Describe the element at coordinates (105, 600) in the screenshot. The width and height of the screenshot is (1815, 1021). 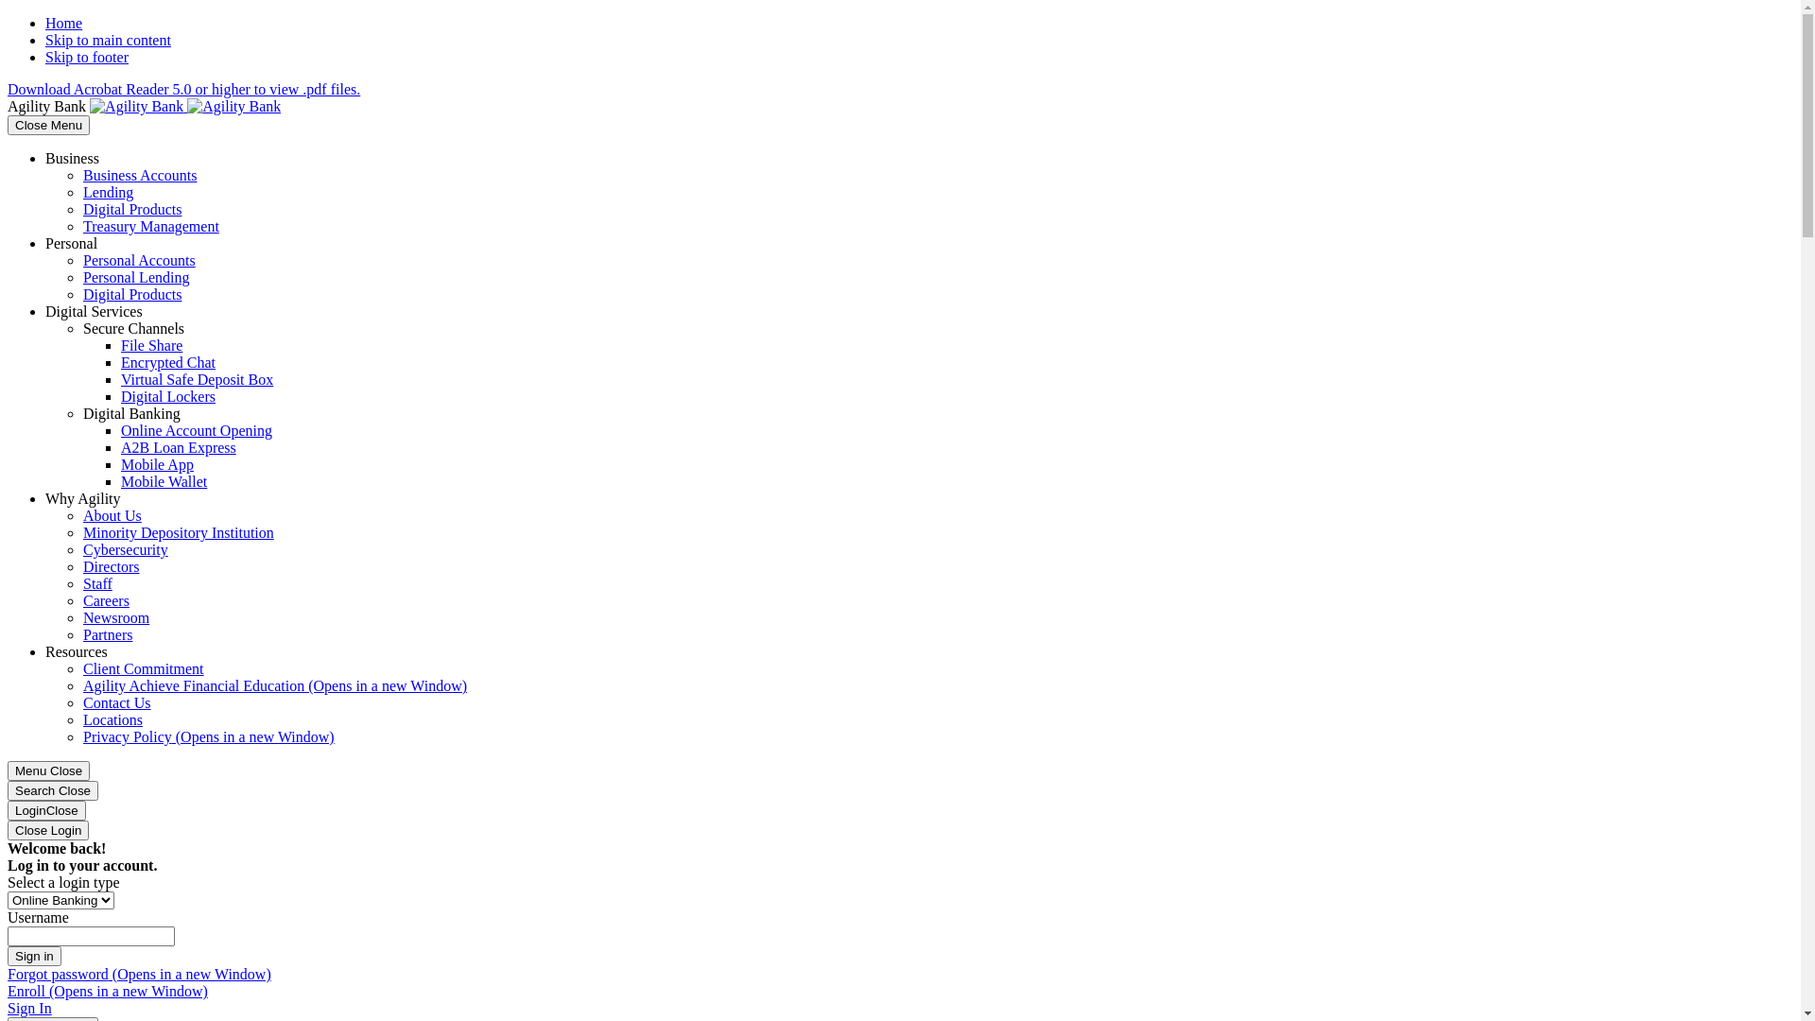
I see `'Careers'` at that location.